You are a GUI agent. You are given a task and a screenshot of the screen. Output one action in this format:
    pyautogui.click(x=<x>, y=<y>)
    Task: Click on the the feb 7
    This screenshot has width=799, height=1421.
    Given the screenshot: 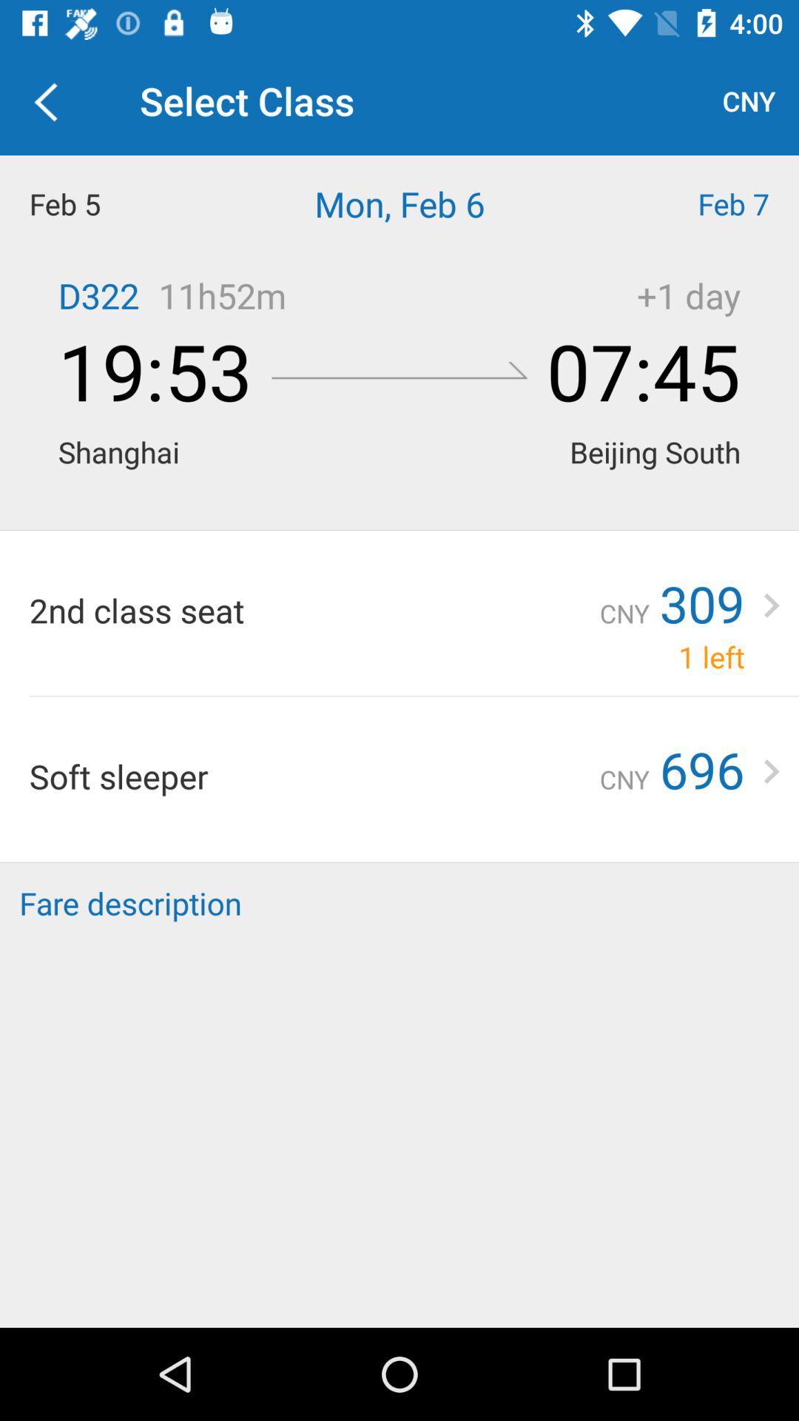 What is the action you would take?
    pyautogui.click(x=699, y=203)
    